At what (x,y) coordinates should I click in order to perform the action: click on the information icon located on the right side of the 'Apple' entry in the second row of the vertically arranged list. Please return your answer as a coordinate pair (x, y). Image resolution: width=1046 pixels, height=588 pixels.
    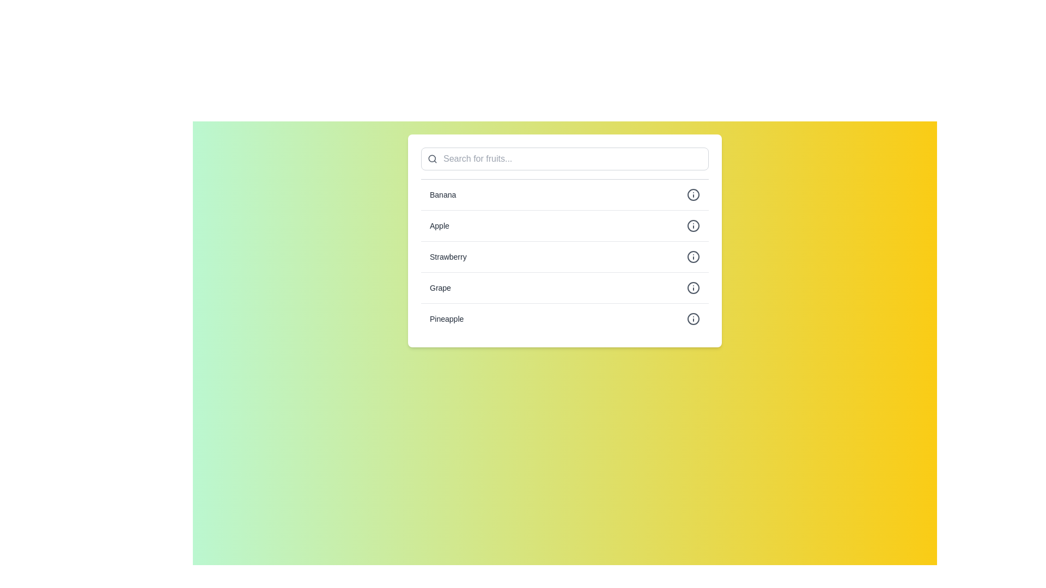
    Looking at the image, I should click on (692, 225).